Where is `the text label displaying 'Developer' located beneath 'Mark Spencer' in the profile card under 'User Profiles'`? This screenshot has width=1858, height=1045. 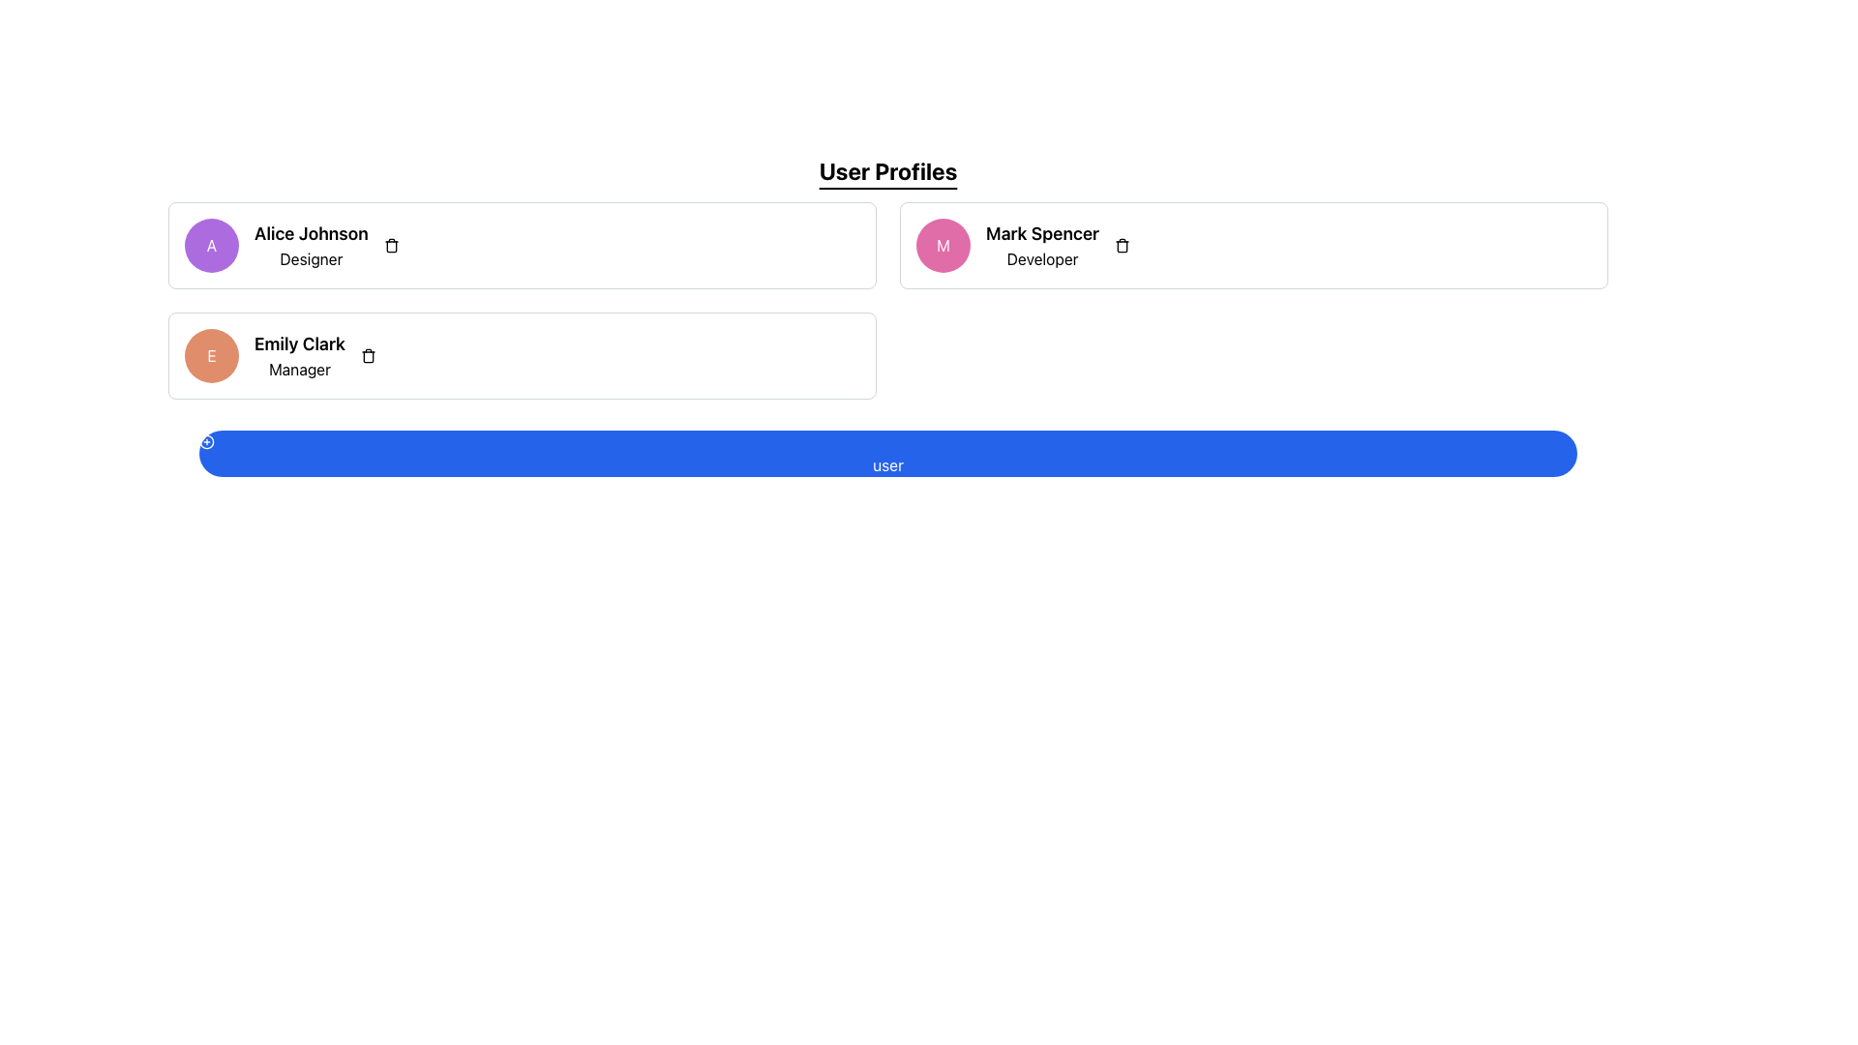
the text label displaying 'Developer' located beneath 'Mark Spencer' in the profile card under 'User Profiles' is located at coordinates (1041, 257).